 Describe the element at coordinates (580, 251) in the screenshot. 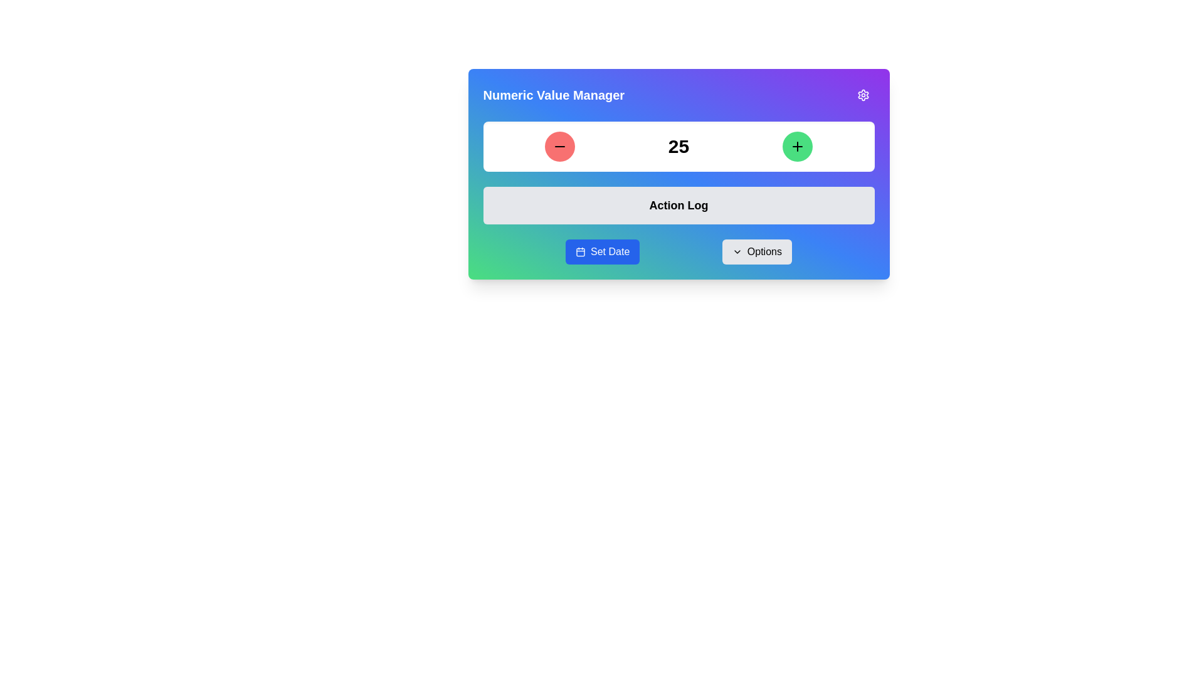

I see `the calendar icon located inside the 'Set Date' button, positioned to the left of the text 'Set Date'` at that location.